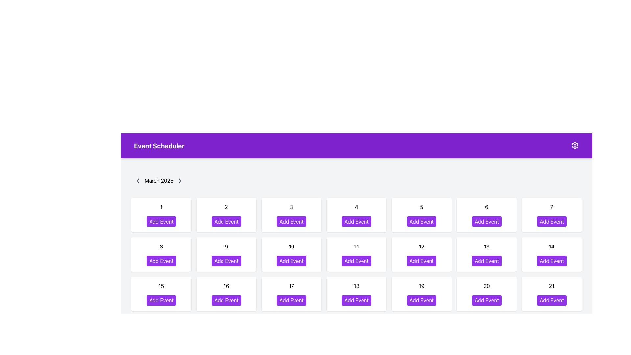 The height and width of the screenshot is (355, 631). I want to click on the 'Add Event' button for day '19' in the calendar interface, so click(421, 300).